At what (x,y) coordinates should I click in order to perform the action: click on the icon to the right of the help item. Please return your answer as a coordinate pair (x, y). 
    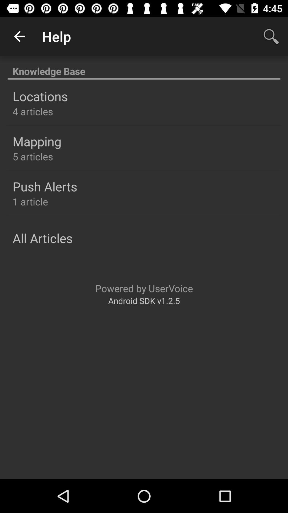
    Looking at the image, I should click on (271, 36).